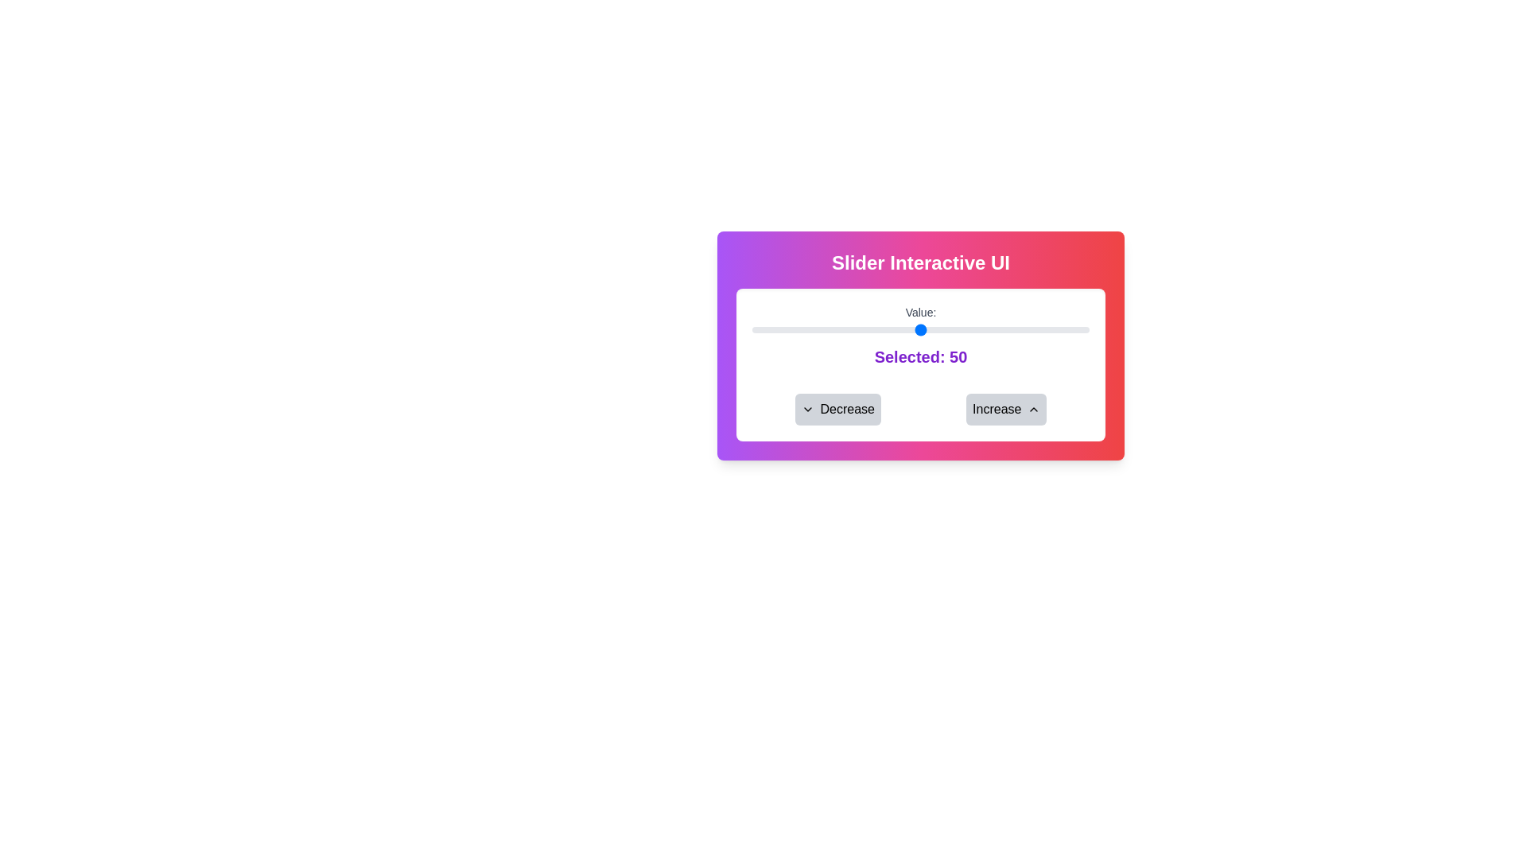  I want to click on the slider, so click(1028, 329).